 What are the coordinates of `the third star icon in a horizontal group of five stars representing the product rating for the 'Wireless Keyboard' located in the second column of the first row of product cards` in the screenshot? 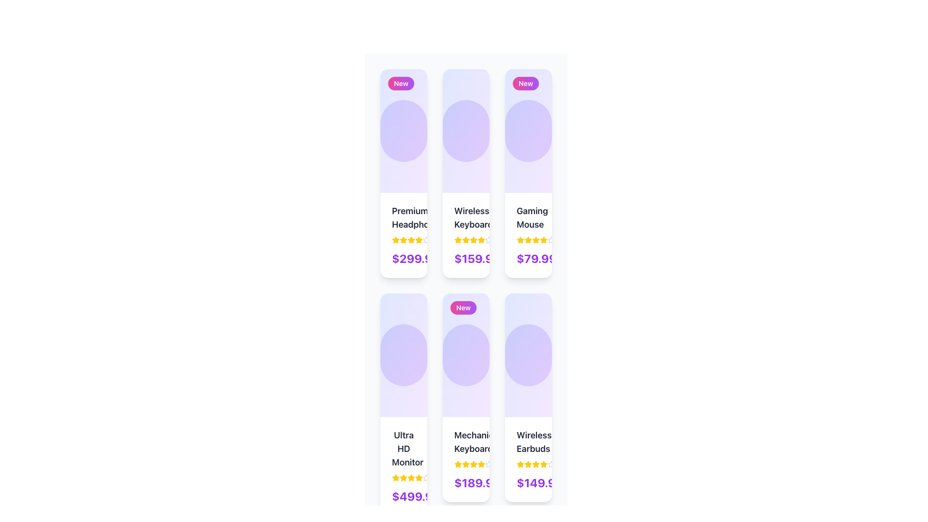 It's located at (466, 240).